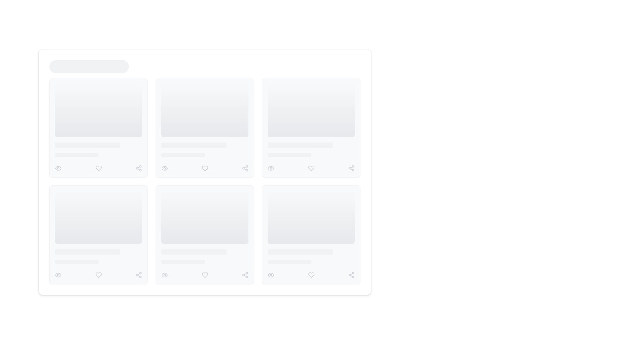 This screenshot has width=636, height=358. I want to click on the rightmost share icon in the bottom row of the grid layout, so click(138, 275).